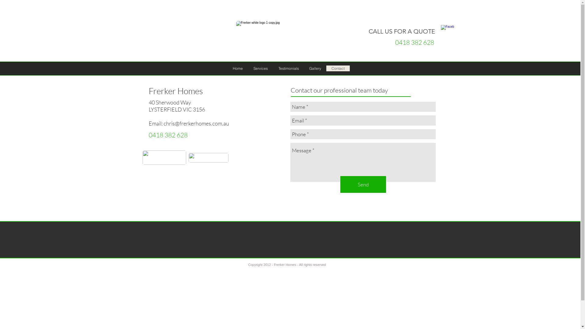 The height and width of the screenshot is (329, 585). Describe the element at coordinates (237, 68) in the screenshot. I see `'Home'` at that location.